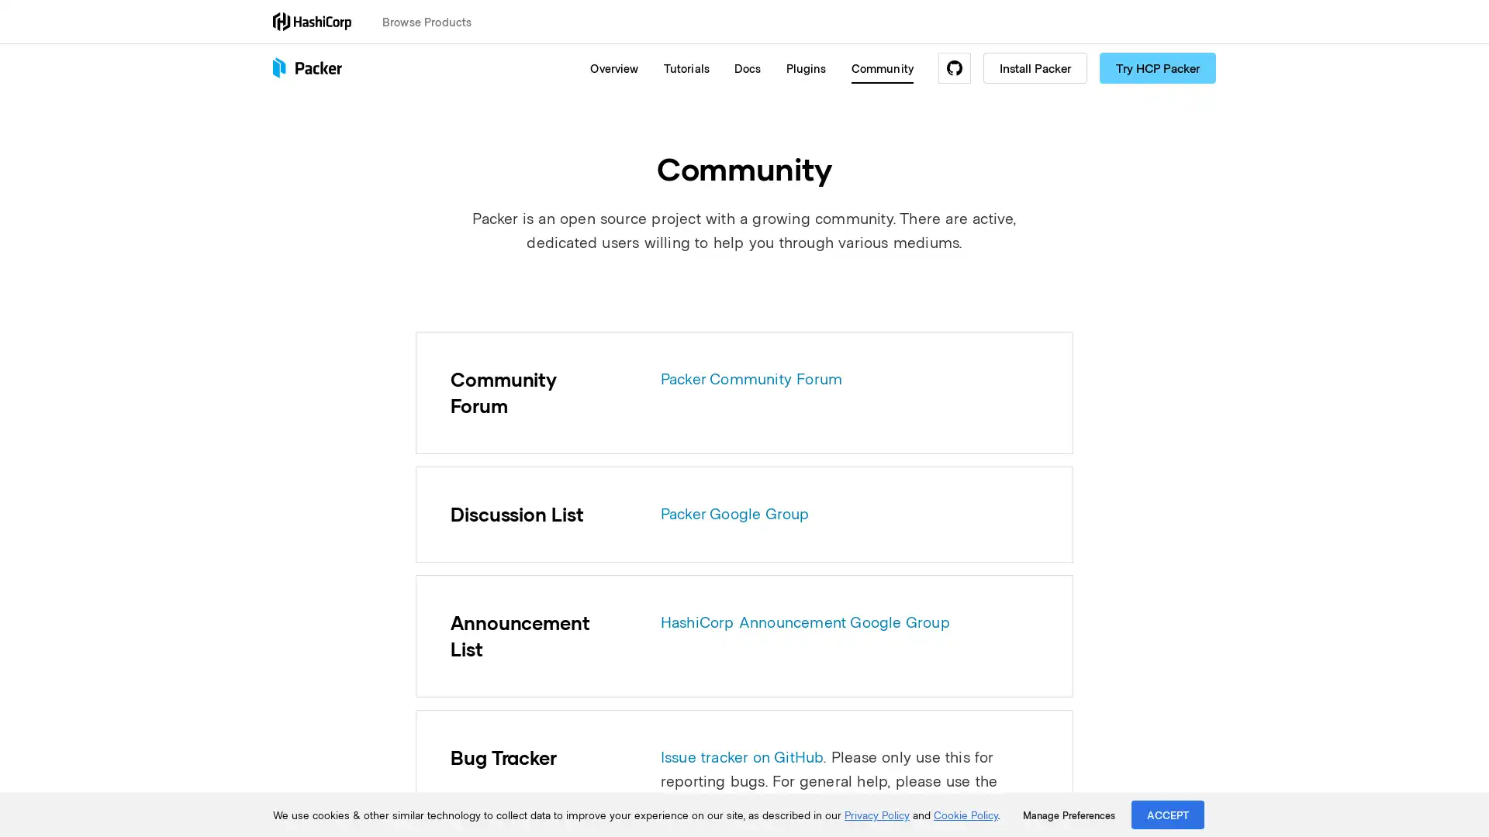 The height and width of the screenshot is (837, 1489). What do you see at coordinates (1068, 815) in the screenshot?
I see `Manage Preferences` at bounding box center [1068, 815].